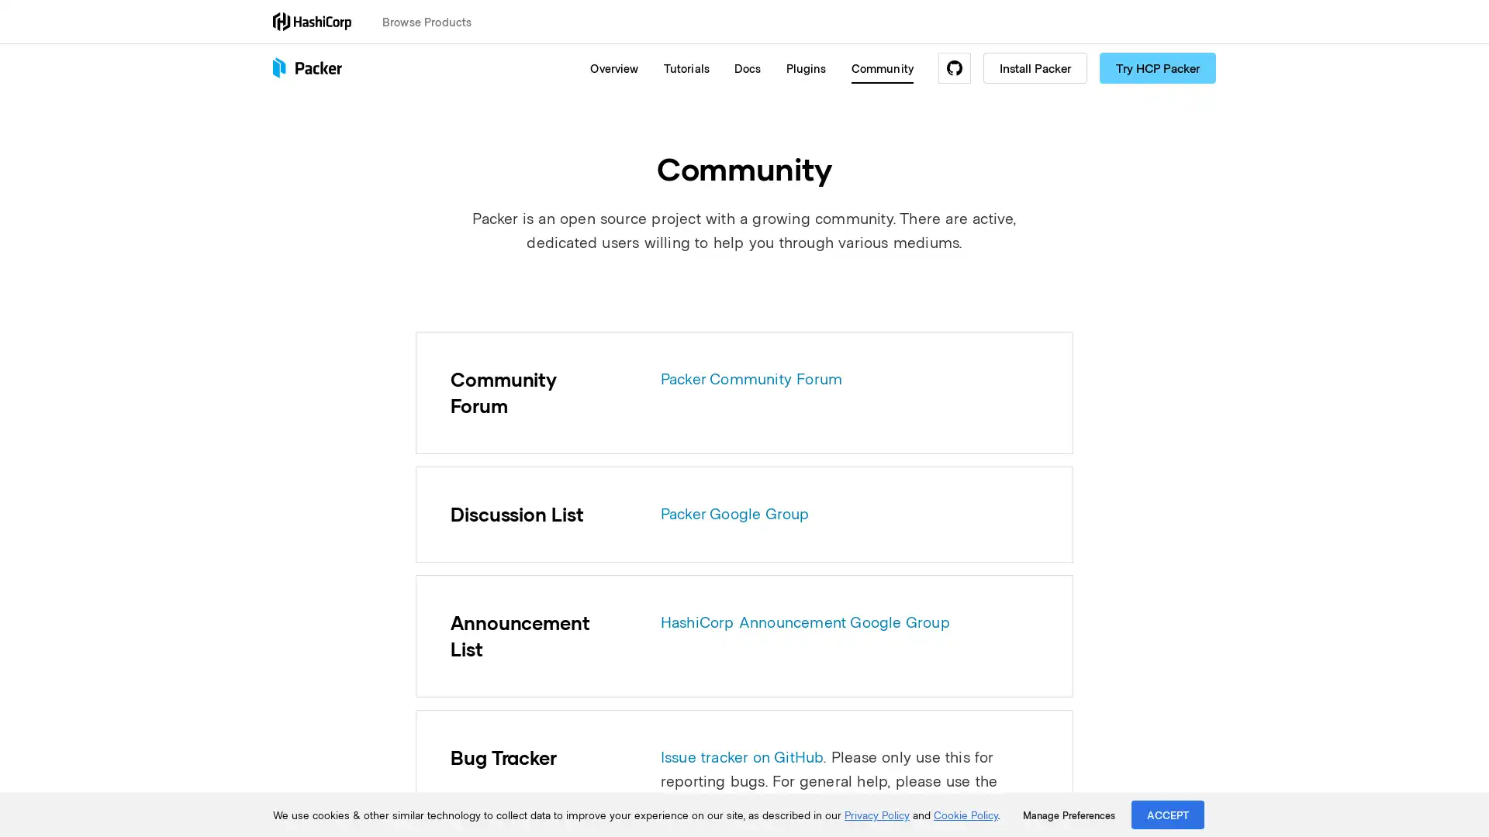 The height and width of the screenshot is (837, 1489). What do you see at coordinates (1068, 815) in the screenshot?
I see `Manage Preferences` at bounding box center [1068, 815].